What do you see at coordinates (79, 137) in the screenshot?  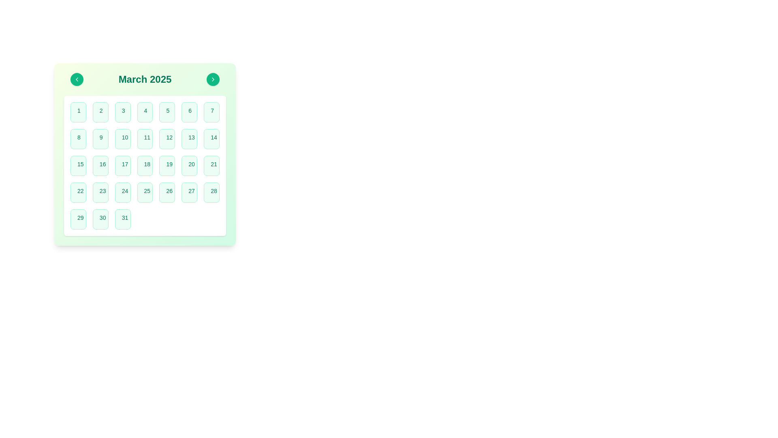 I see `numeric text '8' displayed in emerald green color, which represents the 8th of March in a calendar layout, located in the second row and first column of the calendar grid` at bounding box center [79, 137].